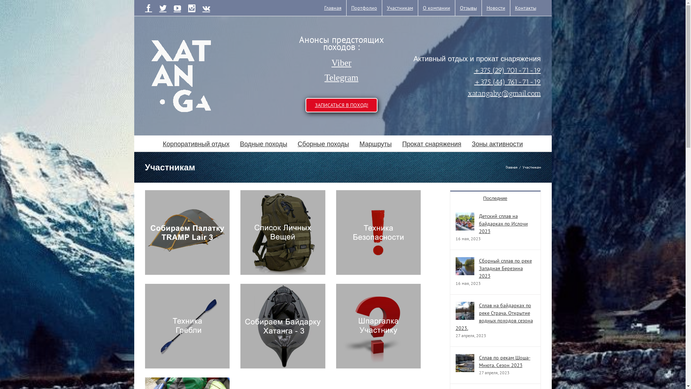 The width and height of the screenshot is (691, 389). I want to click on 'xatangaby@gmail.com', so click(504, 93).